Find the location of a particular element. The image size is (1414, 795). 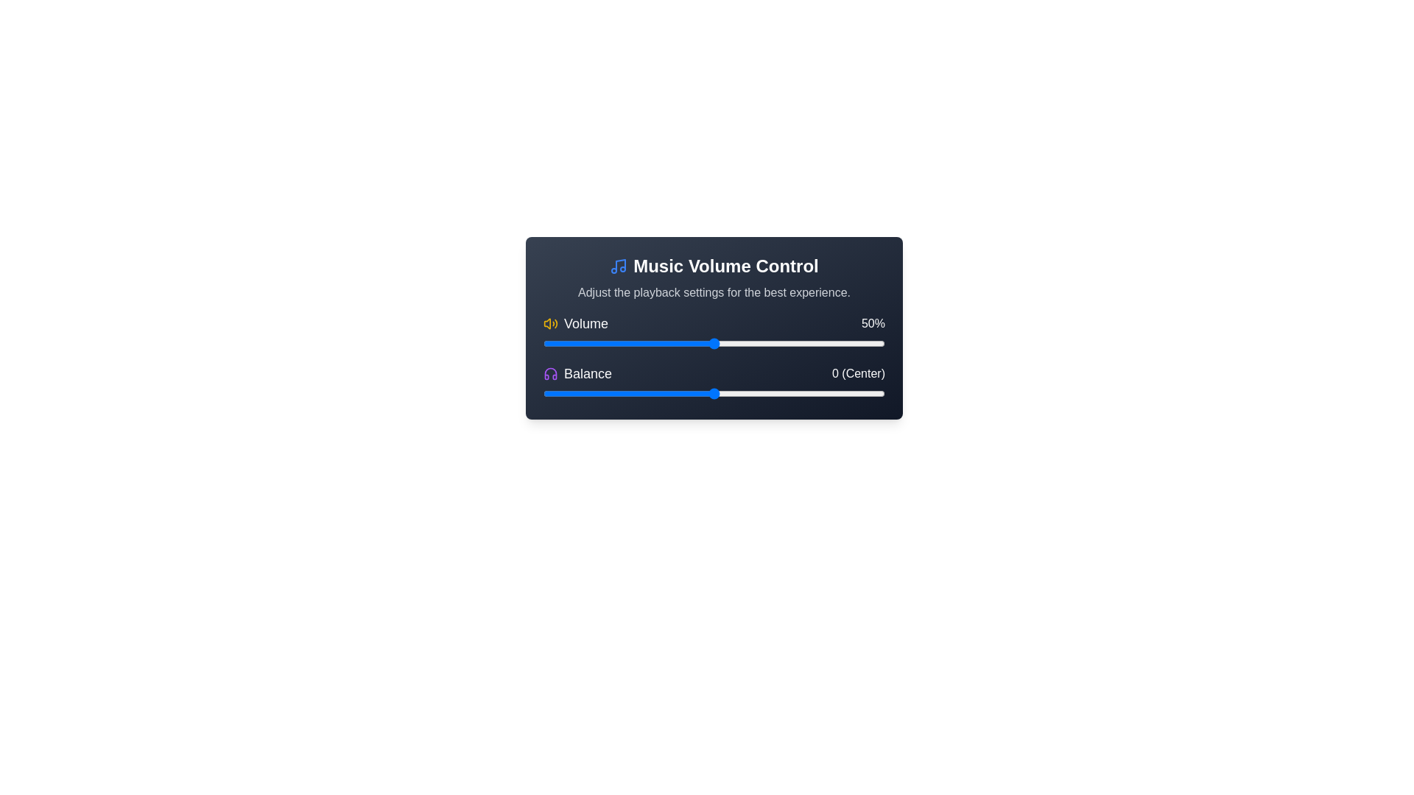

the volume slider to set the volume to 87% is located at coordinates (840, 343).